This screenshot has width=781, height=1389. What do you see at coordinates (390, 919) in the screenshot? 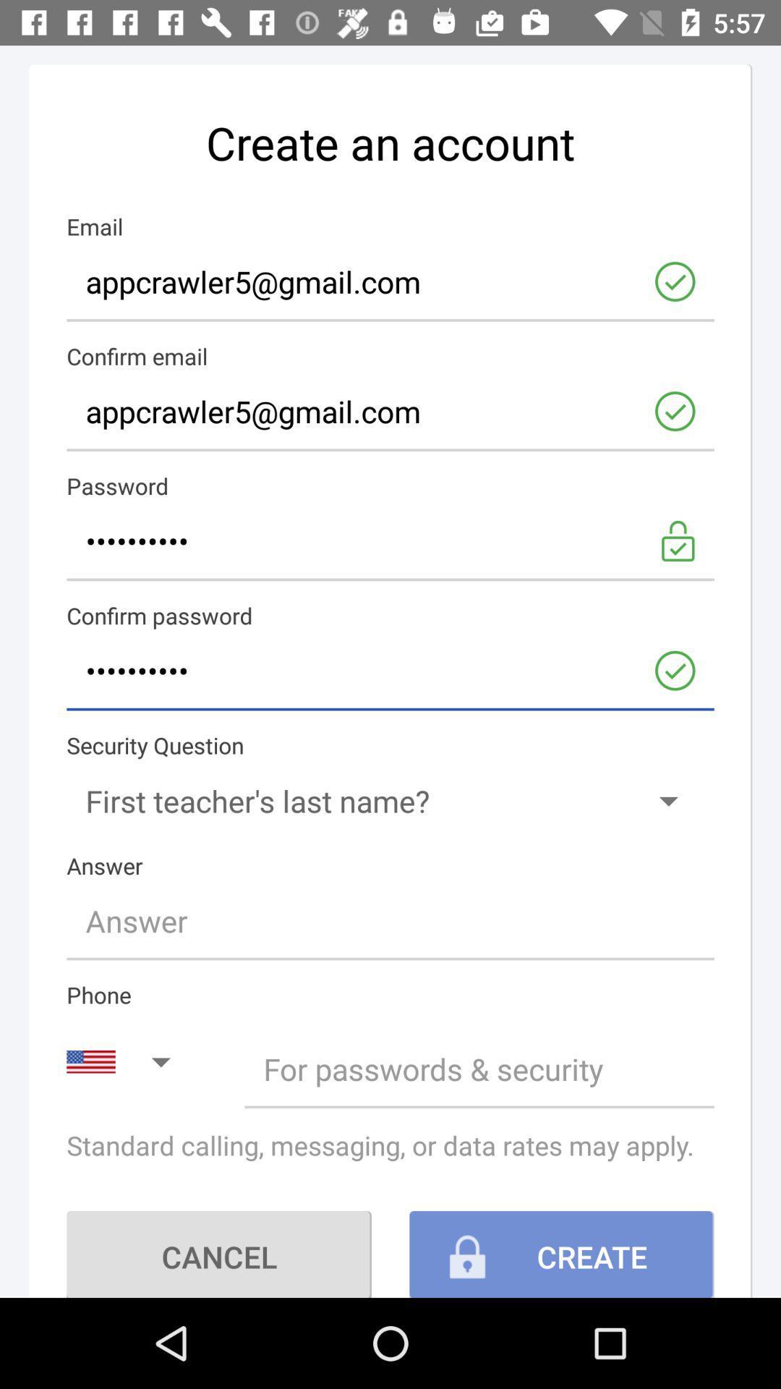
I see `open answer` at bounding box center [390, 919].